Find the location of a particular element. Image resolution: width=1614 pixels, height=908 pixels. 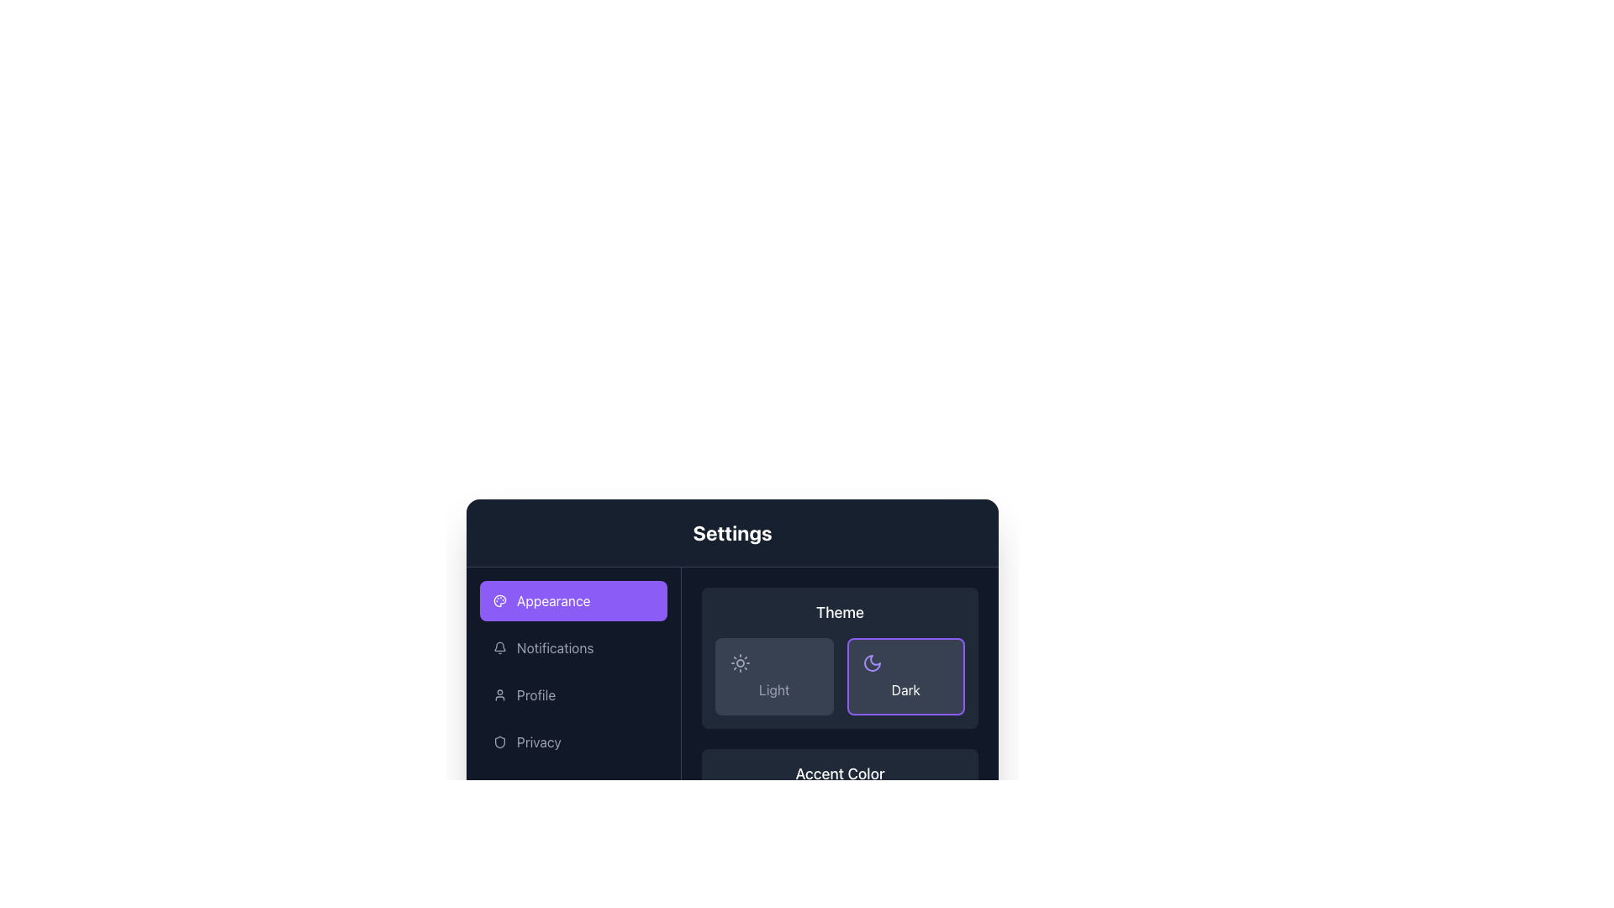

the 'Privacy' settings label located at the bottom of the settings menu on the left side of the interface is located at coordinates (539, 742).